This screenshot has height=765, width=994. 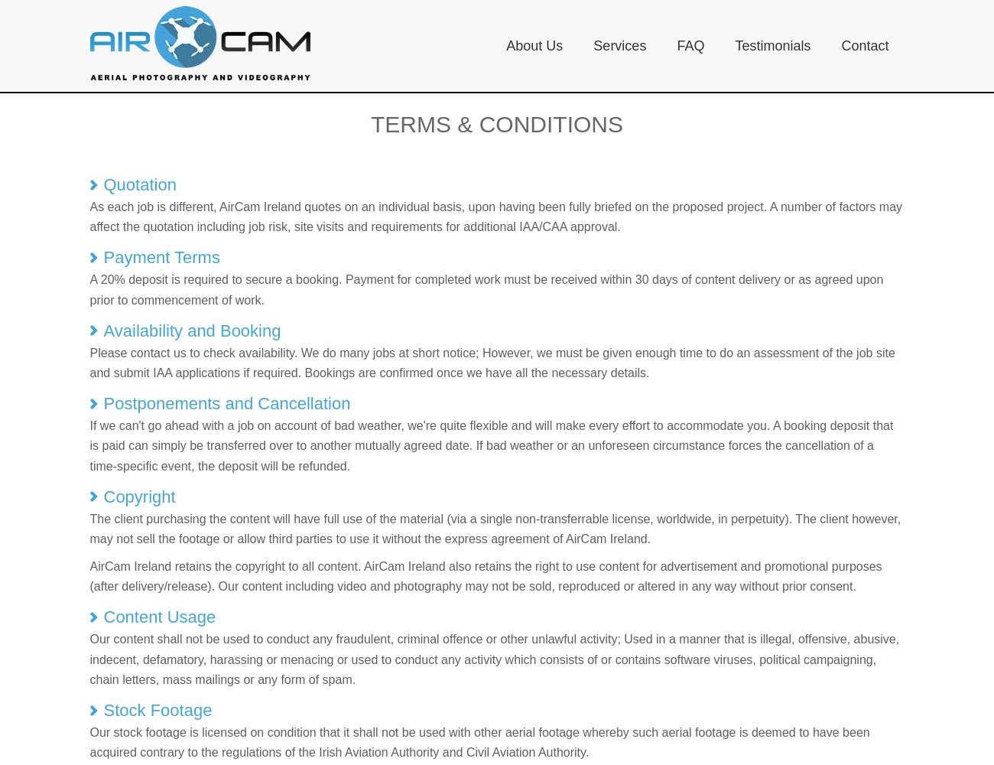 I want to click on 'Our stock footage is licensed on condition that it shall not be used with other aerial footage whereby such aerial footage is deemed to have been acquired contrary to the regulations of the Irish Aviation Authority and Civil Aviation Authority.', so click(x=479, y=741).